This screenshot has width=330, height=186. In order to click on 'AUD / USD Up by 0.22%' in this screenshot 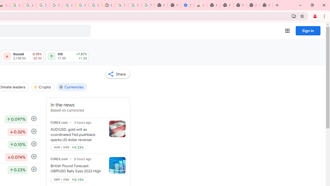, I will do `click(69, 147)`.